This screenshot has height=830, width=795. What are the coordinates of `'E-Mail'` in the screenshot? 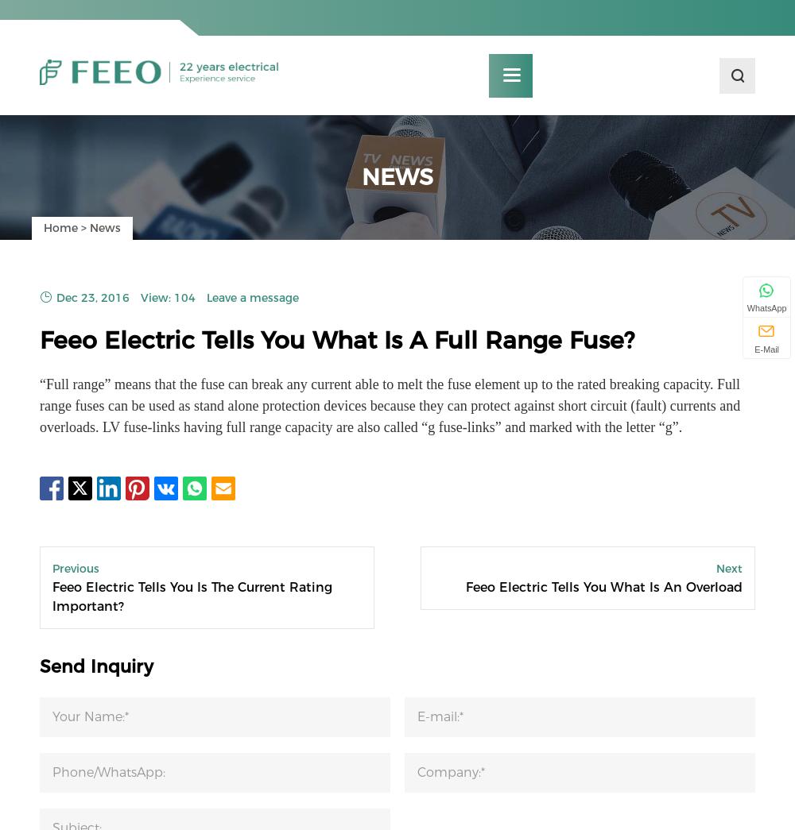 It's located at (766, 349).